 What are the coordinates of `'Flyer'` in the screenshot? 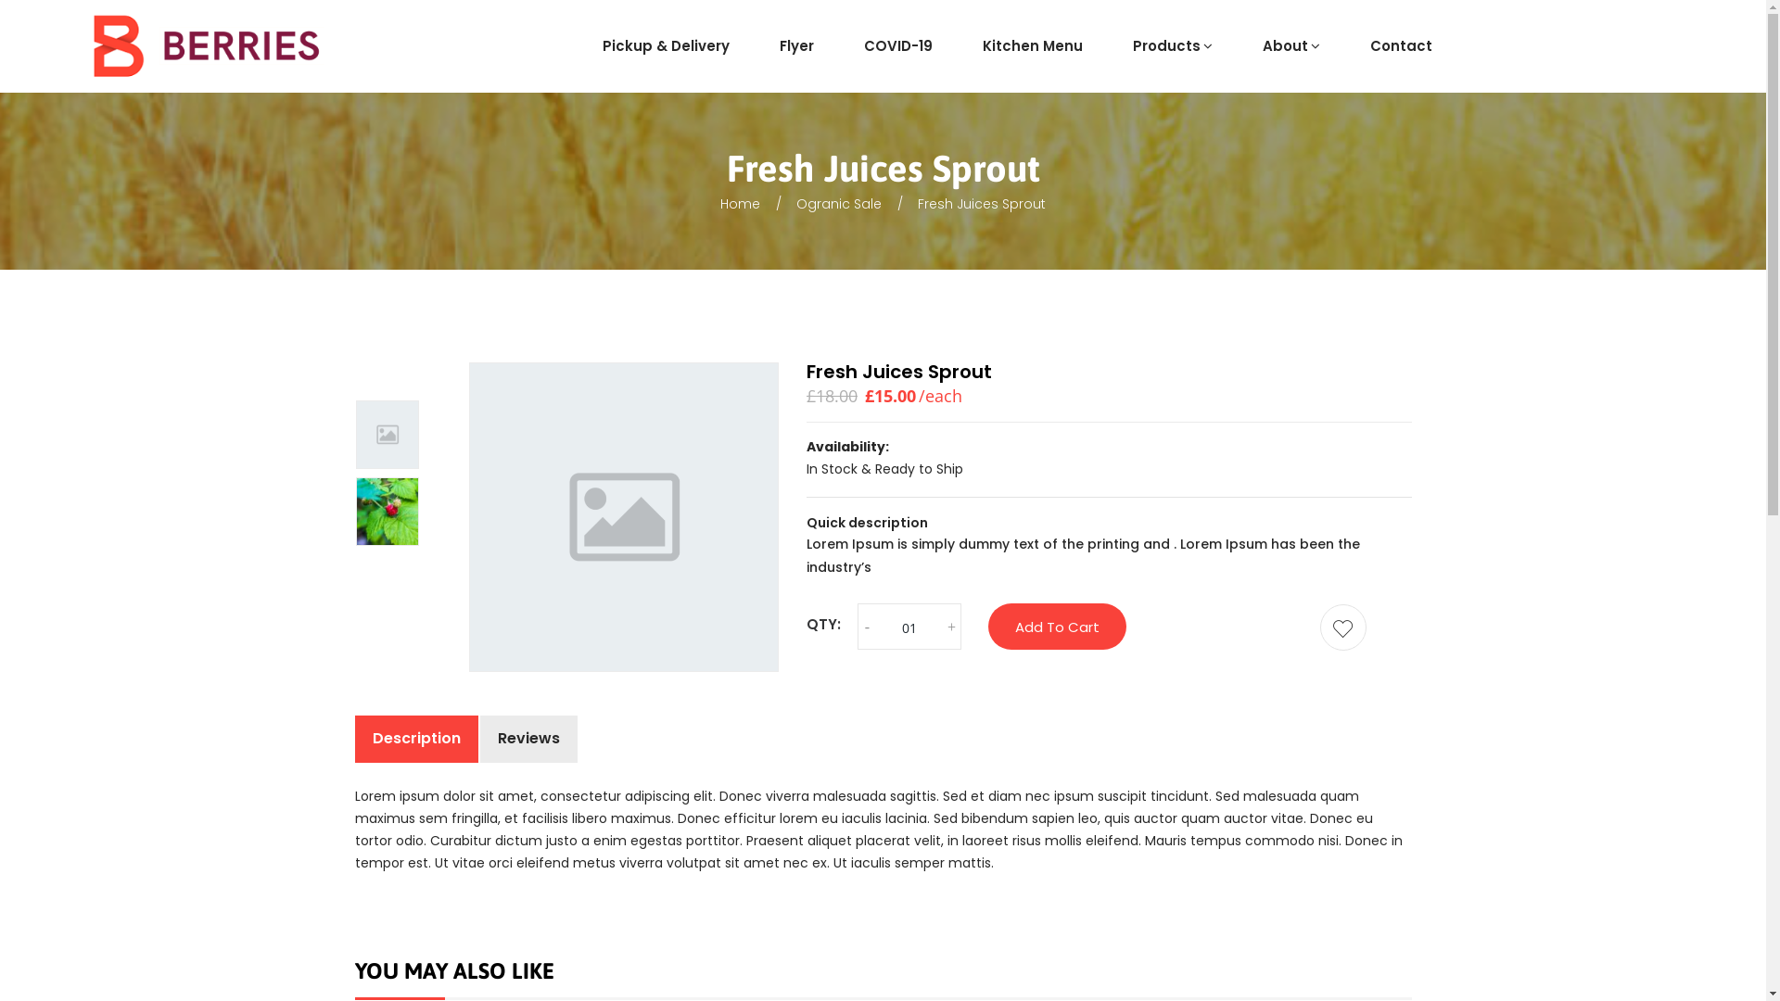 It's located at (796, 45).